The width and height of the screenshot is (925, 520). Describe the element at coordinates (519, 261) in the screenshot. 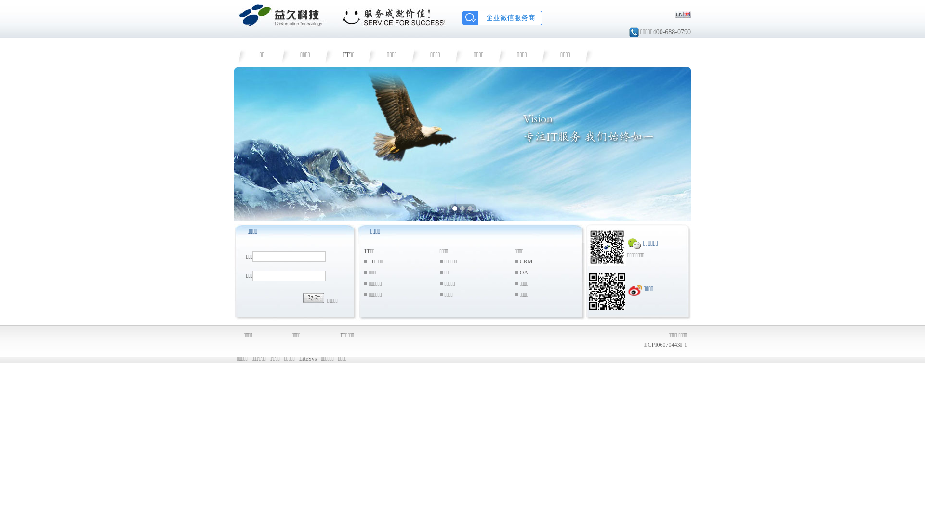

I see `'CRM'` at that location.